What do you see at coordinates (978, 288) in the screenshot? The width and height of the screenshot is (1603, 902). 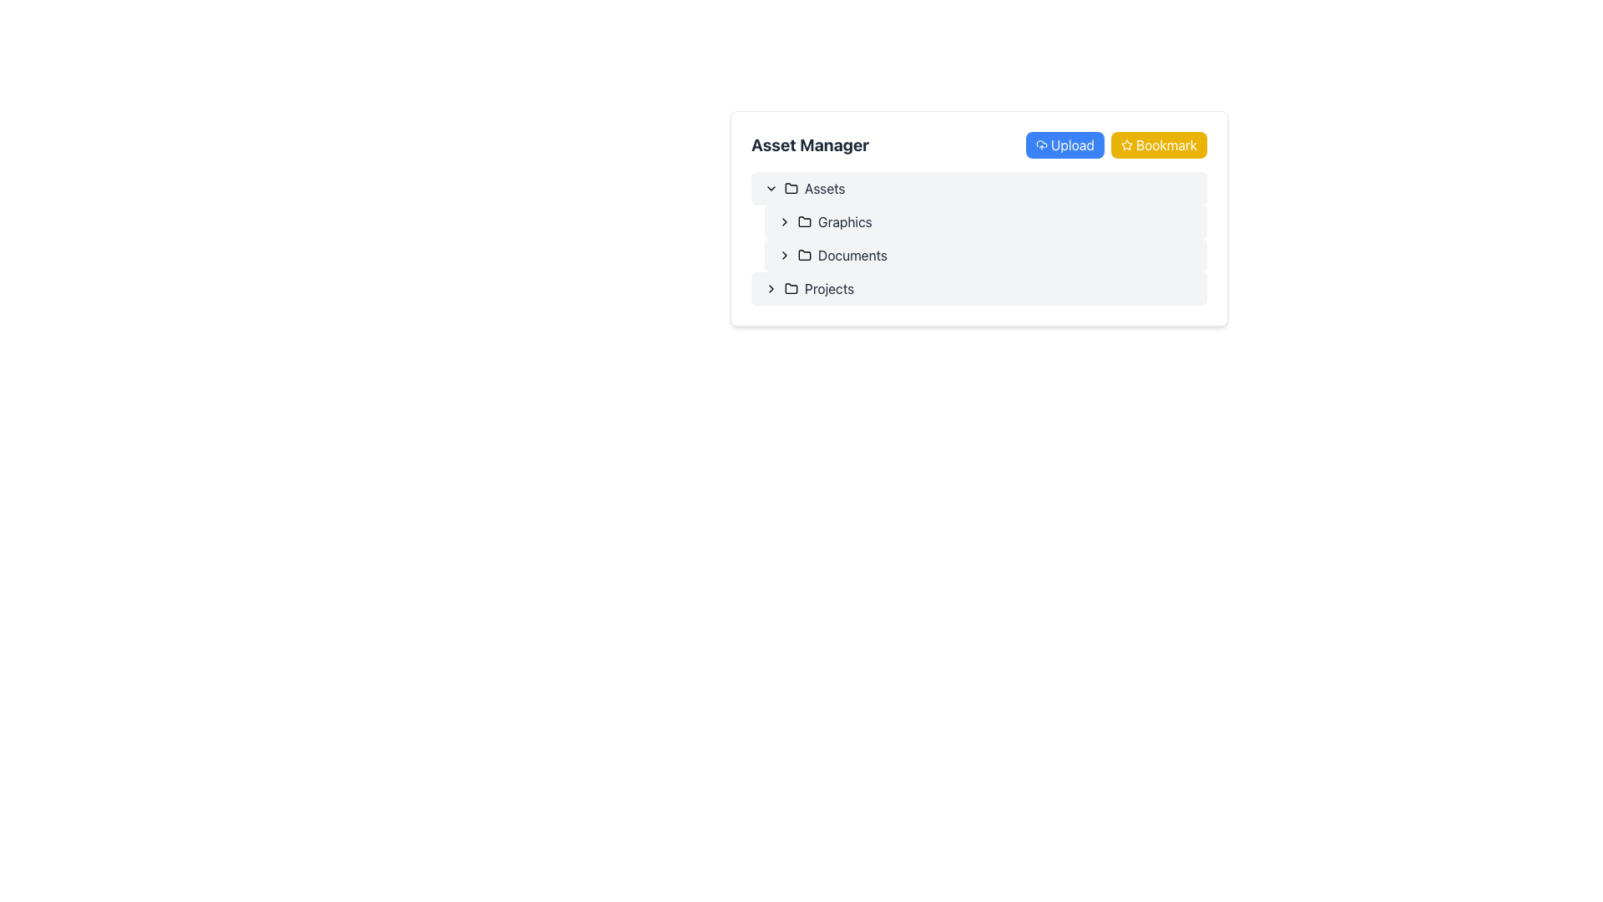 I see `the 'Projects' button, which is the last item in the 'Asset Manager' panel` at bounding box center [978, 288].